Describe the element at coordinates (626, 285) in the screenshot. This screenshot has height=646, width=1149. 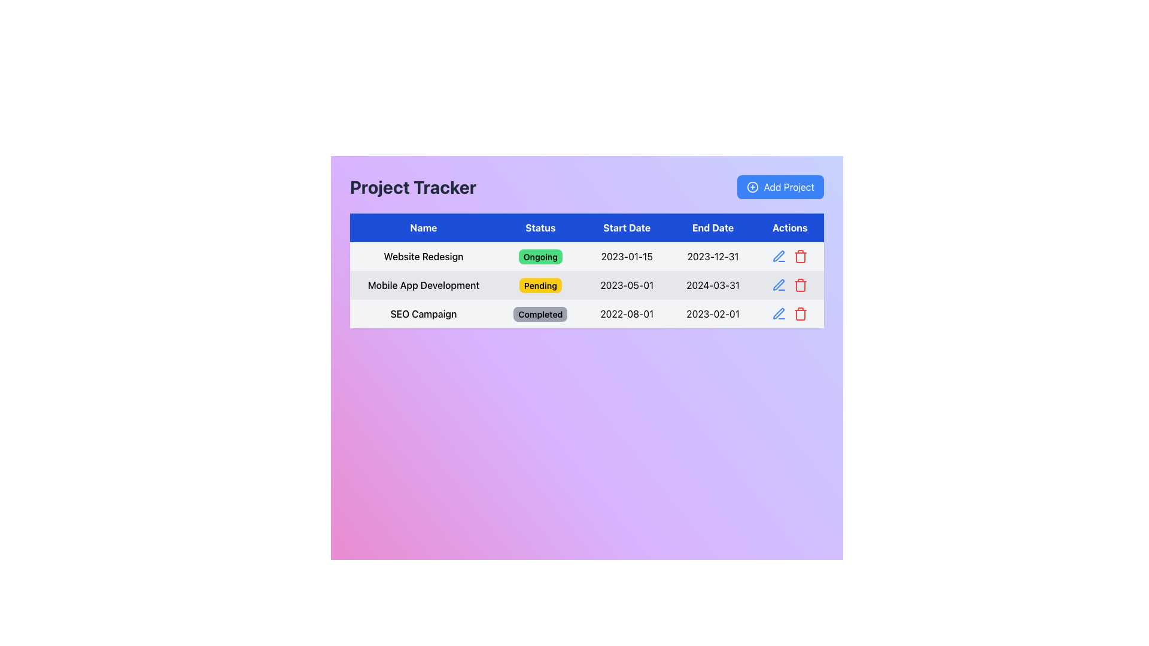
I see `the 'Start Date' text element in the project 'Mobile App Development', which is located in the third column of the second row of the table` at that location.